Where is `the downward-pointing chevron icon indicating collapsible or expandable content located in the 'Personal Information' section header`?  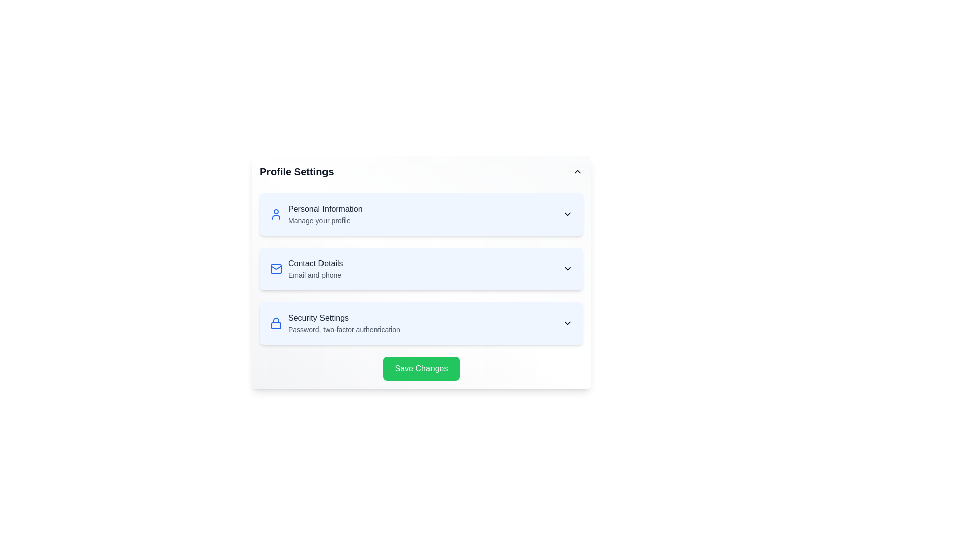 the downward-pointing chevron icon indicating collapsible or expandable content located in the 'Personal Information' section header is located at coordinates (567, 213).